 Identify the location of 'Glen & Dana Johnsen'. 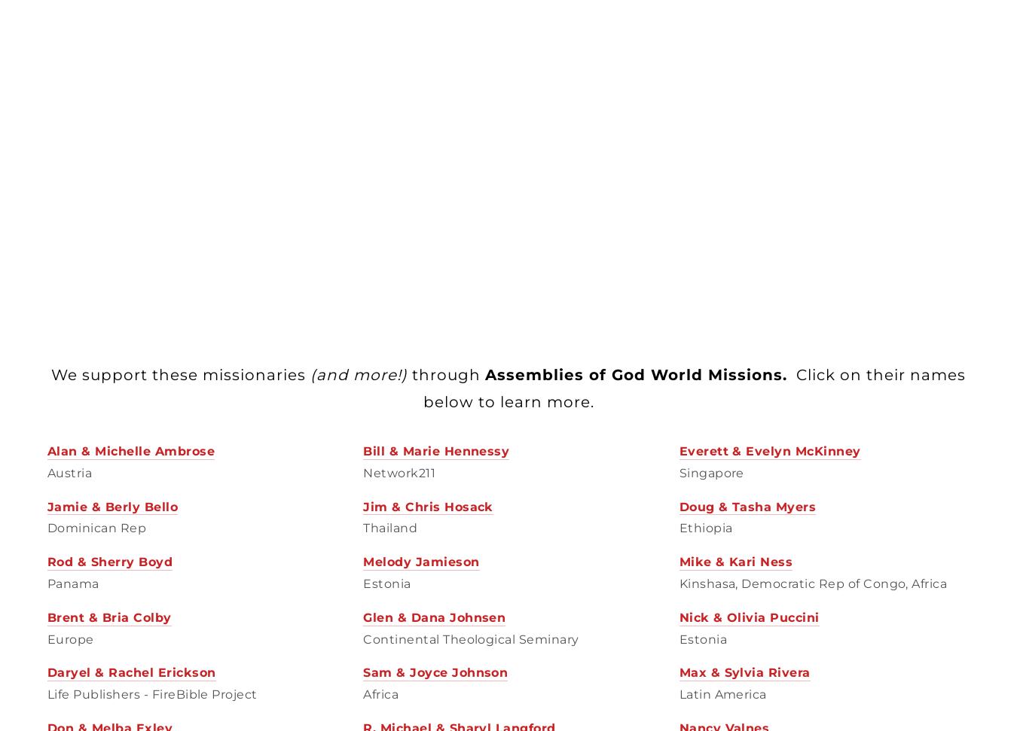
(362, 616).